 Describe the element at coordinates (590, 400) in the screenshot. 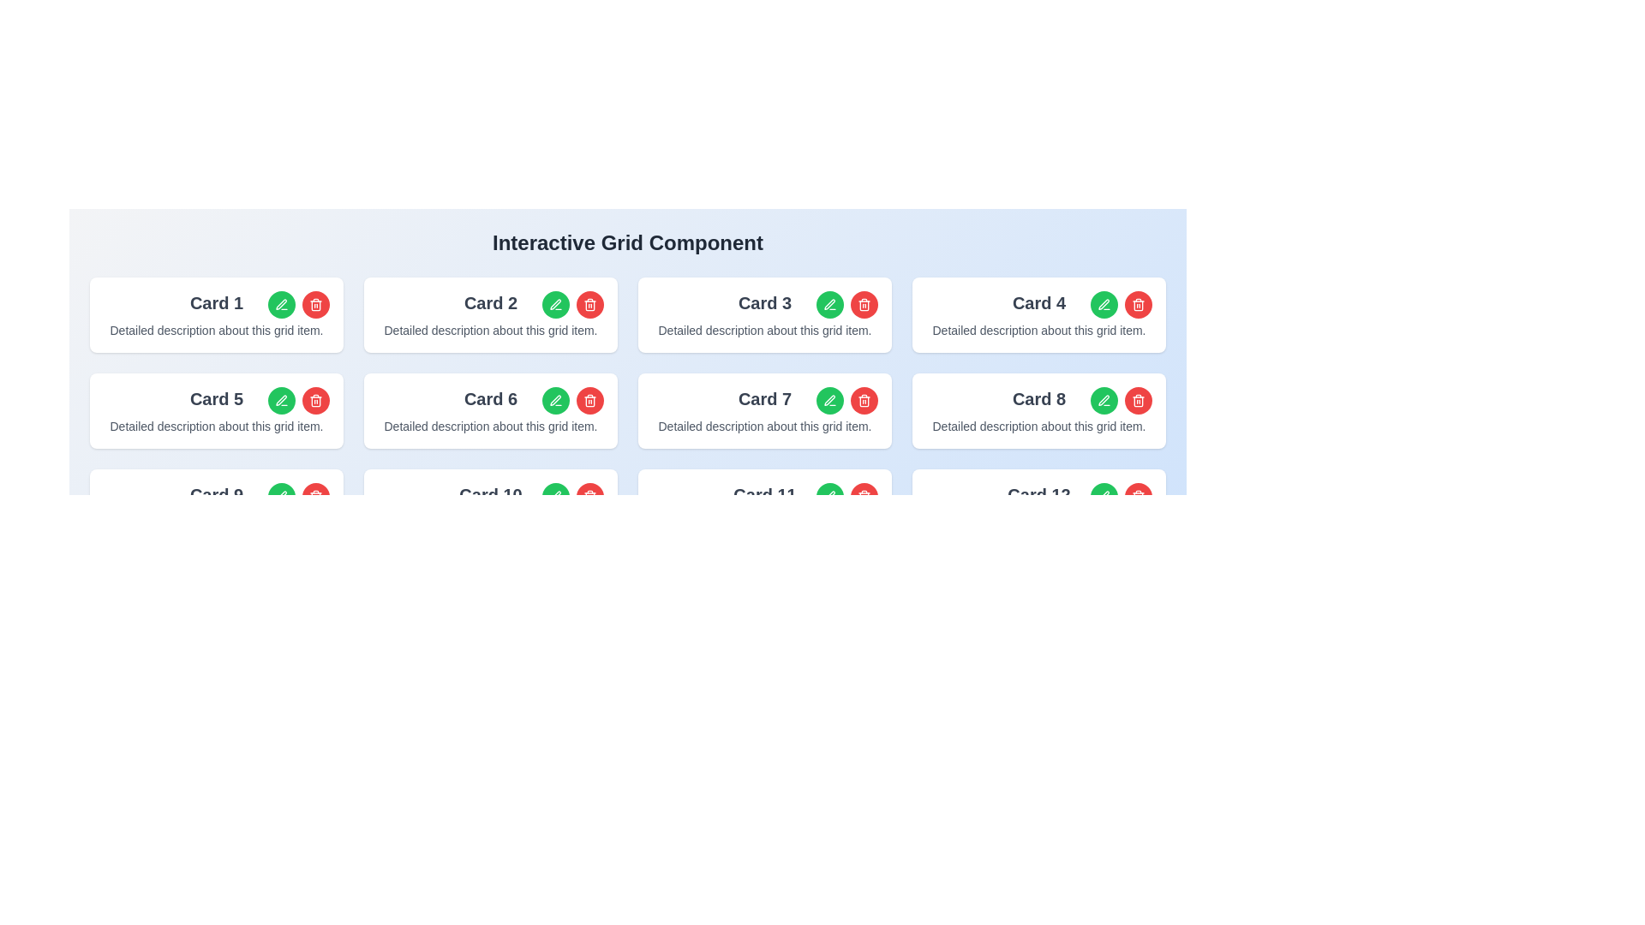

I see `the trash can icon button with a red circular background located at the top-right corner of 'Card 6' for additional context menu options` at that location.